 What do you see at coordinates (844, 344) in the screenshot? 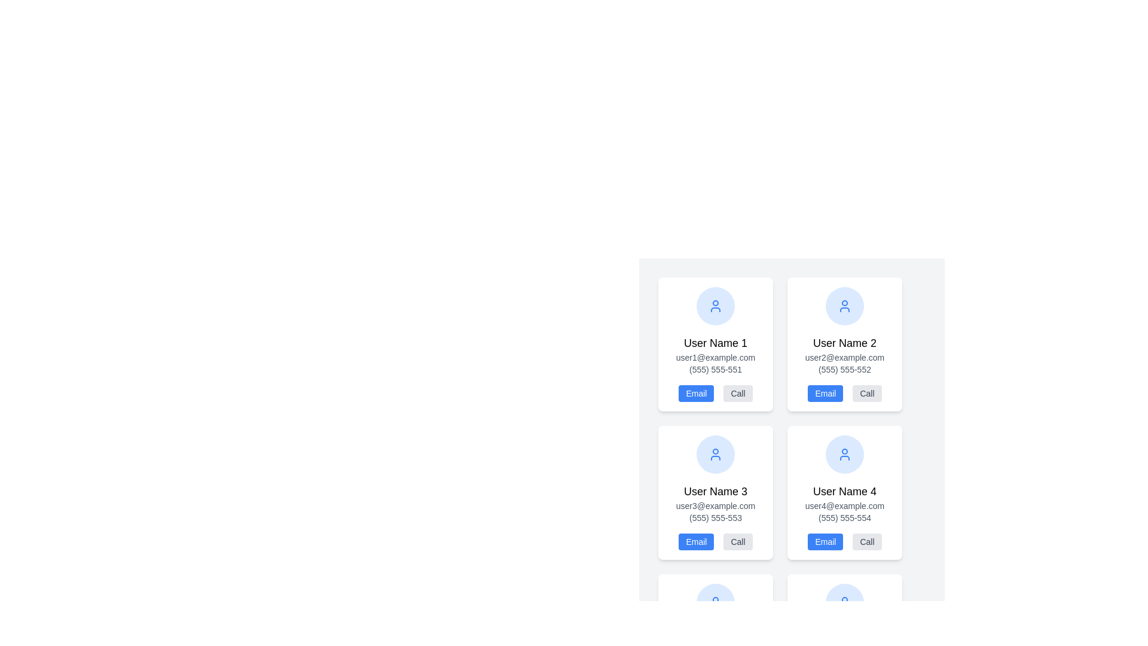
I see `on the user information Card UI component located in the second column of the first row` at bounding box center [844, 344].